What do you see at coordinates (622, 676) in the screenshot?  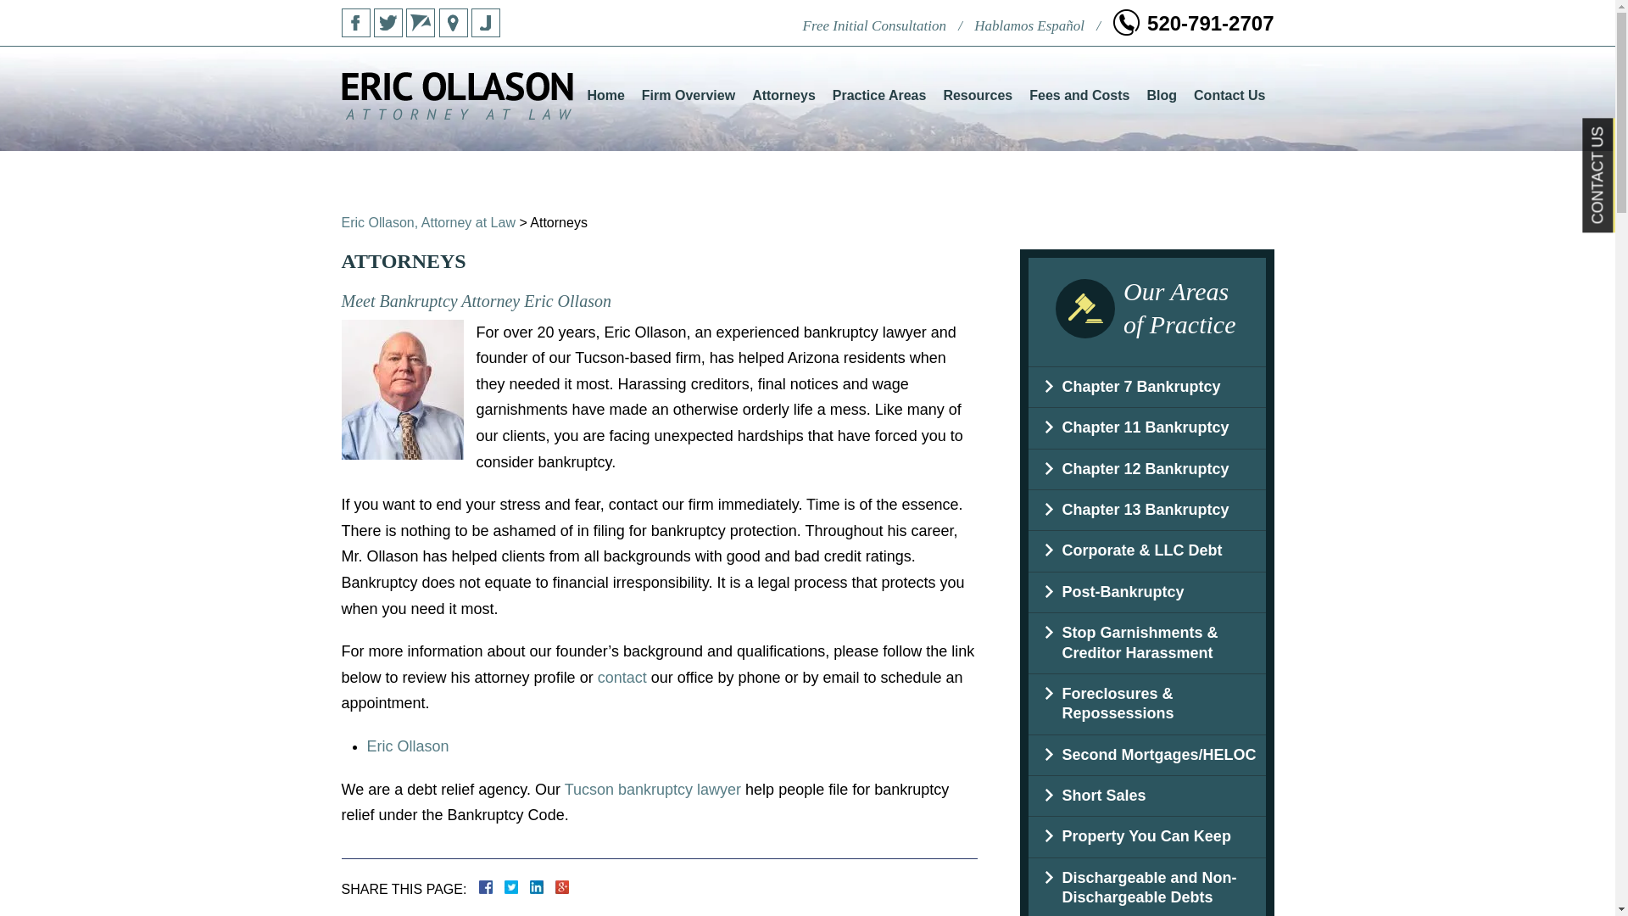 I see `'contact'` at bounding box center [622, 676].